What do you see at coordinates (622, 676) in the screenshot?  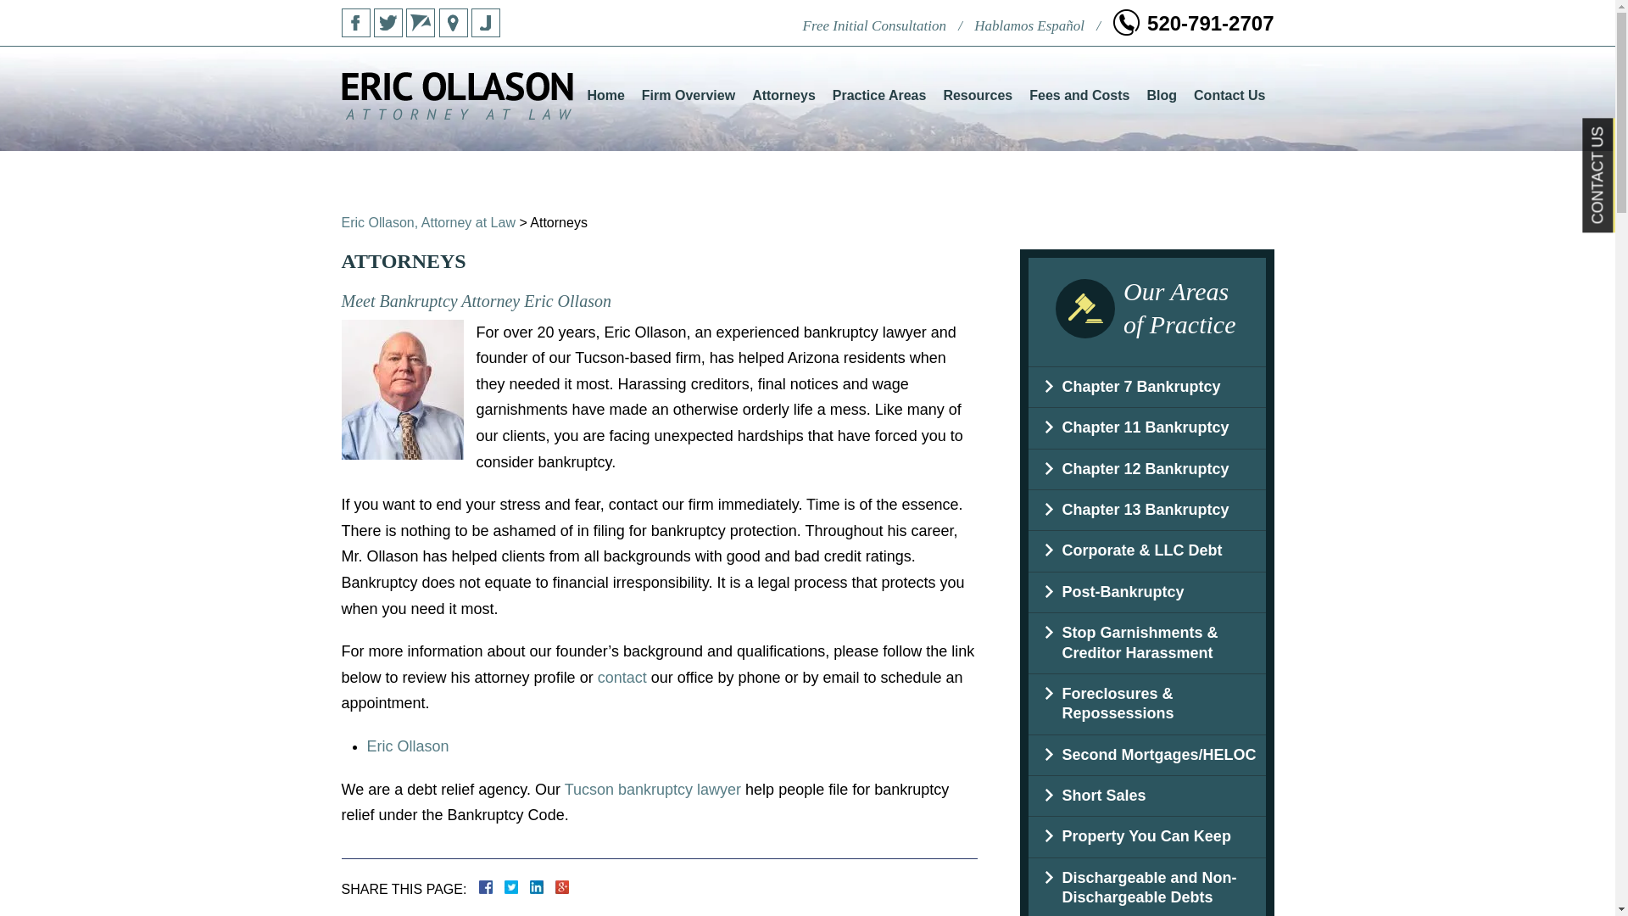 I see `'contact'` at bounding box center [622, 676].